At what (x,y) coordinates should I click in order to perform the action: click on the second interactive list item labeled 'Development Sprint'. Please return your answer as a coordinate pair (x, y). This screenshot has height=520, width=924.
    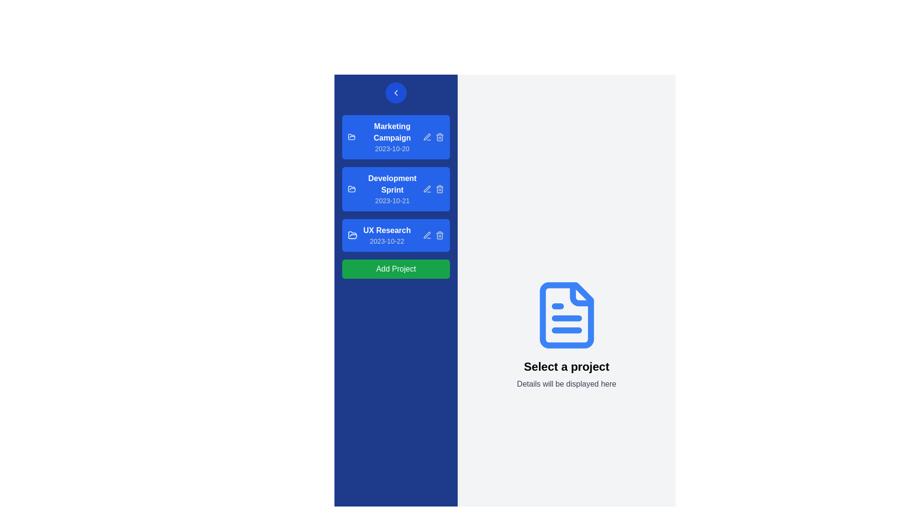
    Looking at the image, I should click on (396, 183).